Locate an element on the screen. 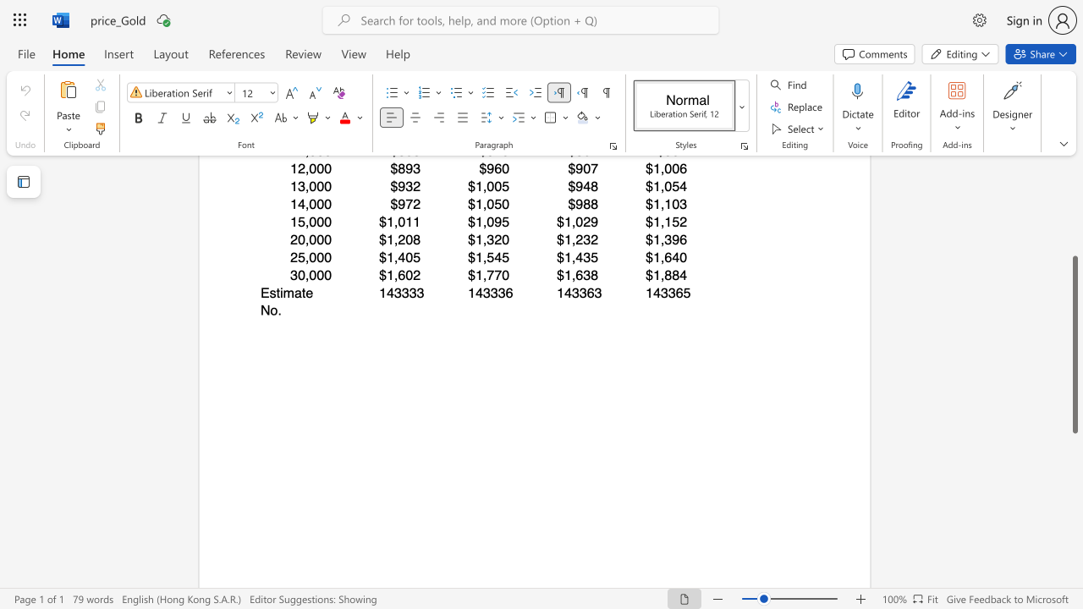  the scrollbar and move down 320 pixels is located at coordinates (1074, 343).